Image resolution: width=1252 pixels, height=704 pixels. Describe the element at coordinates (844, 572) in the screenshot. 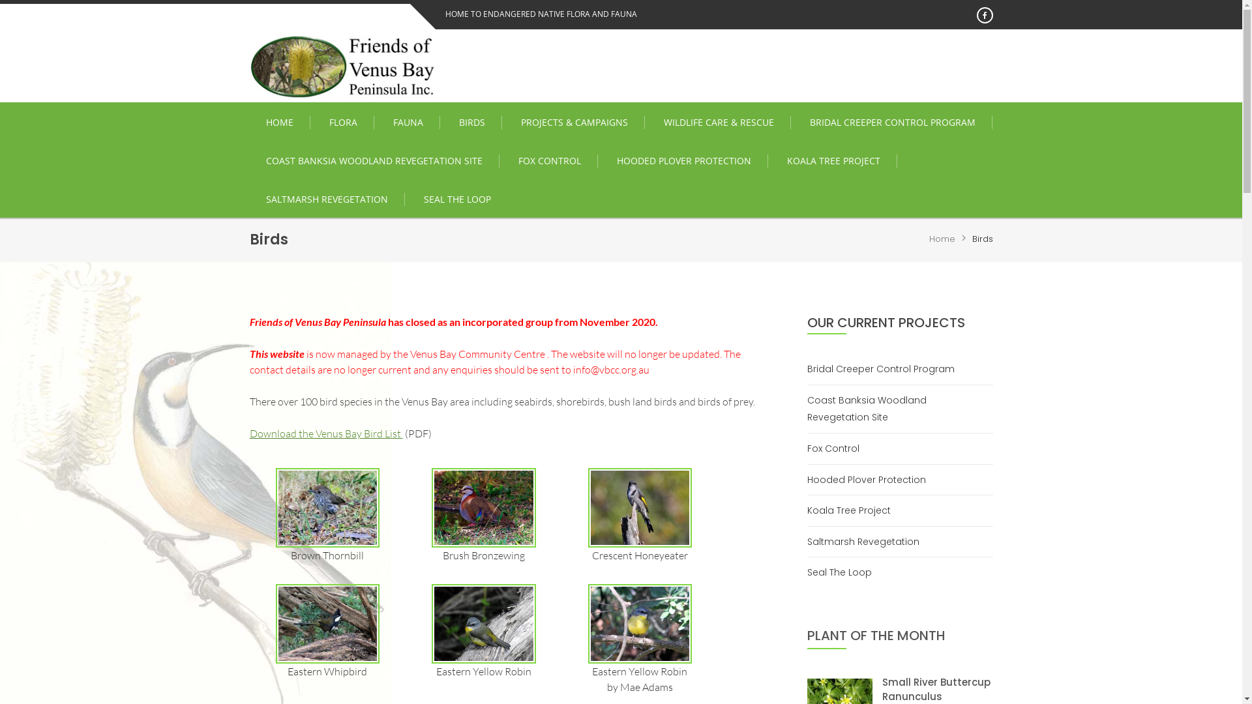

I see `'Seal The Loop'` at that location.